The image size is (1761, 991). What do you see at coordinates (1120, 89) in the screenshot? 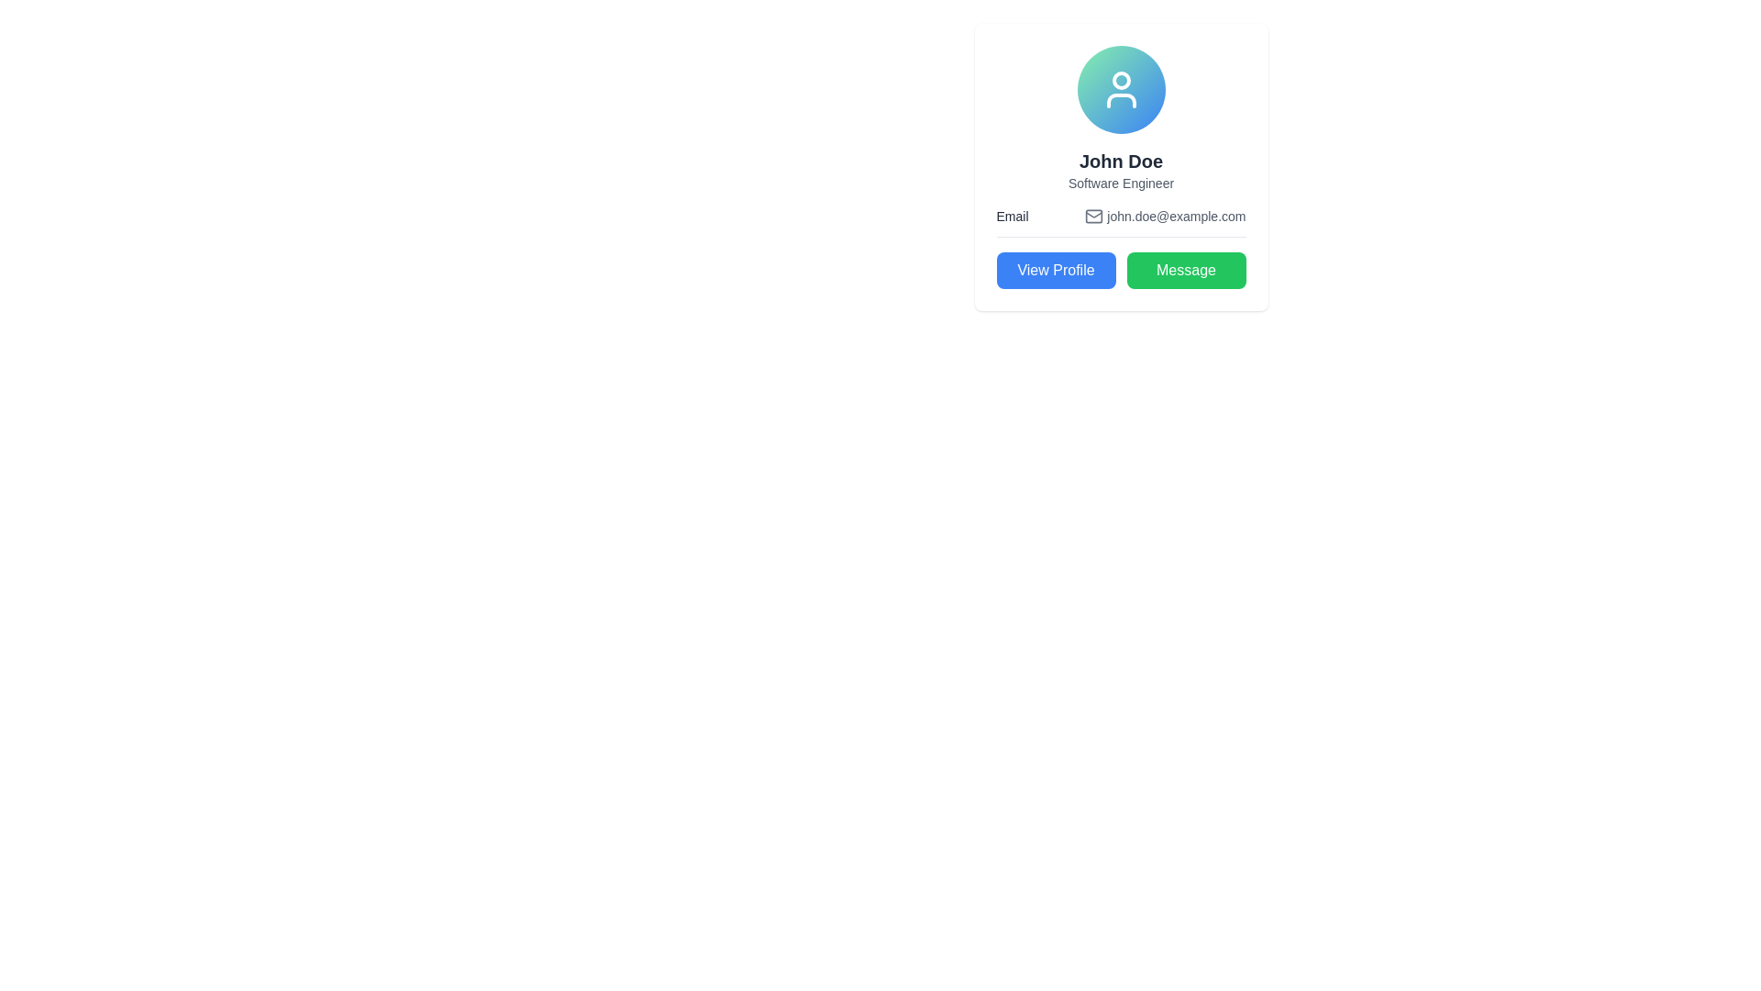
I see `the user's profile image or avatar located at the top center of the card, above the user's name 'John Doe'` at bounding box center [1120, 89].